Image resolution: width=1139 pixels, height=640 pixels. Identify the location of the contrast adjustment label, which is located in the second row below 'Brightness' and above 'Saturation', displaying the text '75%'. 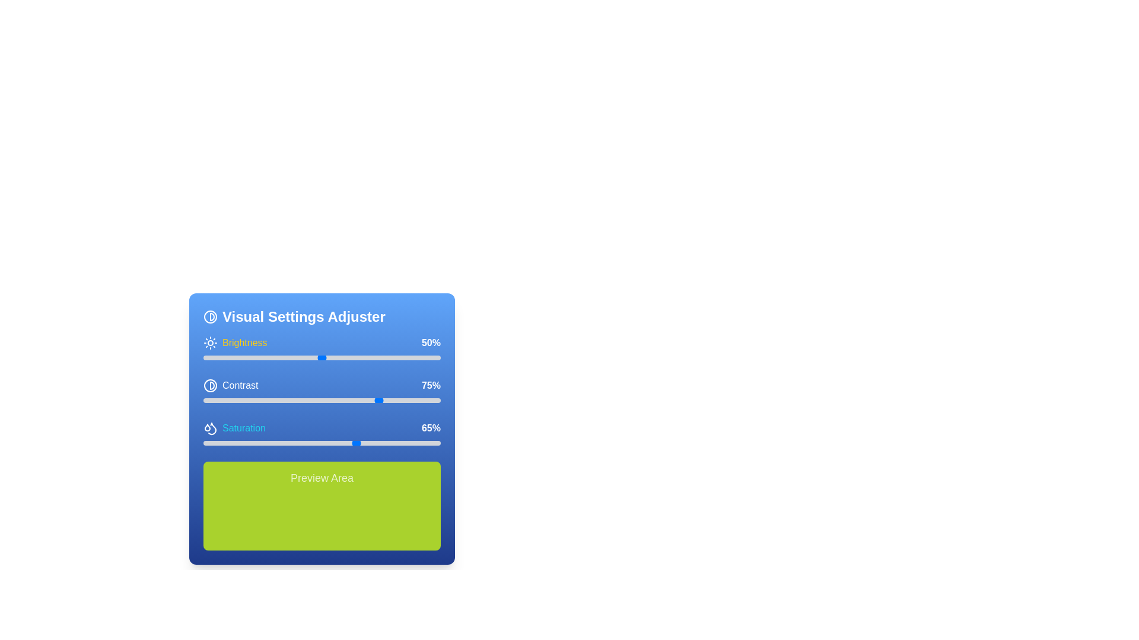
(231, 386).